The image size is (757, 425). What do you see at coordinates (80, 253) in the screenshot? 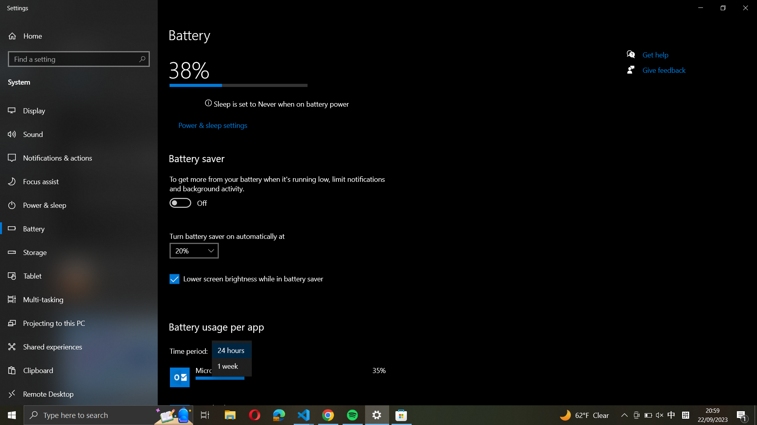
I see `the Storage settings from the left panel` at bounding box center [80, 253].